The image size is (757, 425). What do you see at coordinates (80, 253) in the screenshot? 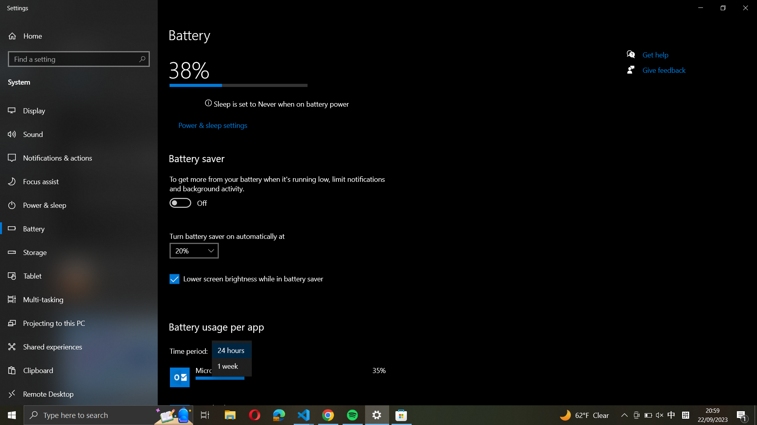
I see `the Storage settings from the left panel` at bounding box center [80, 253].